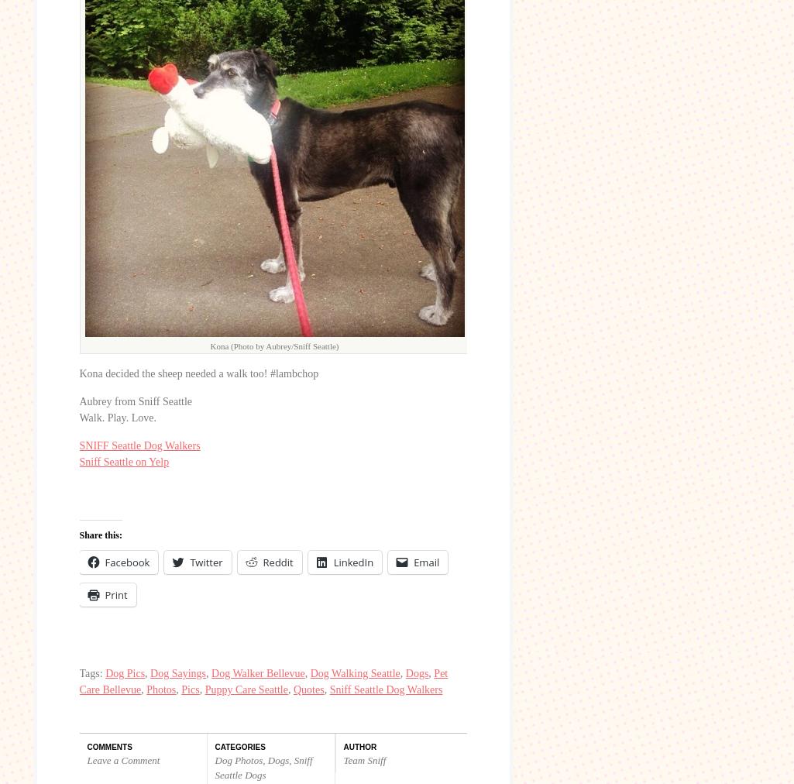 The width and height of the screenshot is (794, 784). I want to click on 'SNIFF Seattle Dog Walkers', so click(78, 445).